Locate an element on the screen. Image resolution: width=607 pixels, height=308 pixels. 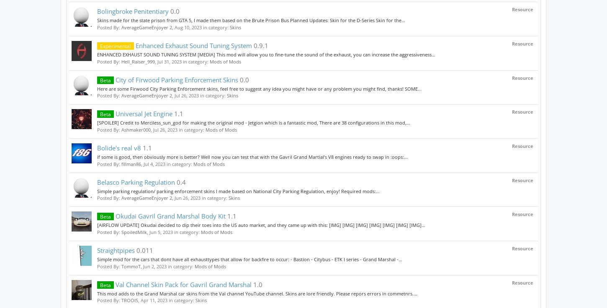
'Aug 10, 2023' is located at coordinates (188, 27).